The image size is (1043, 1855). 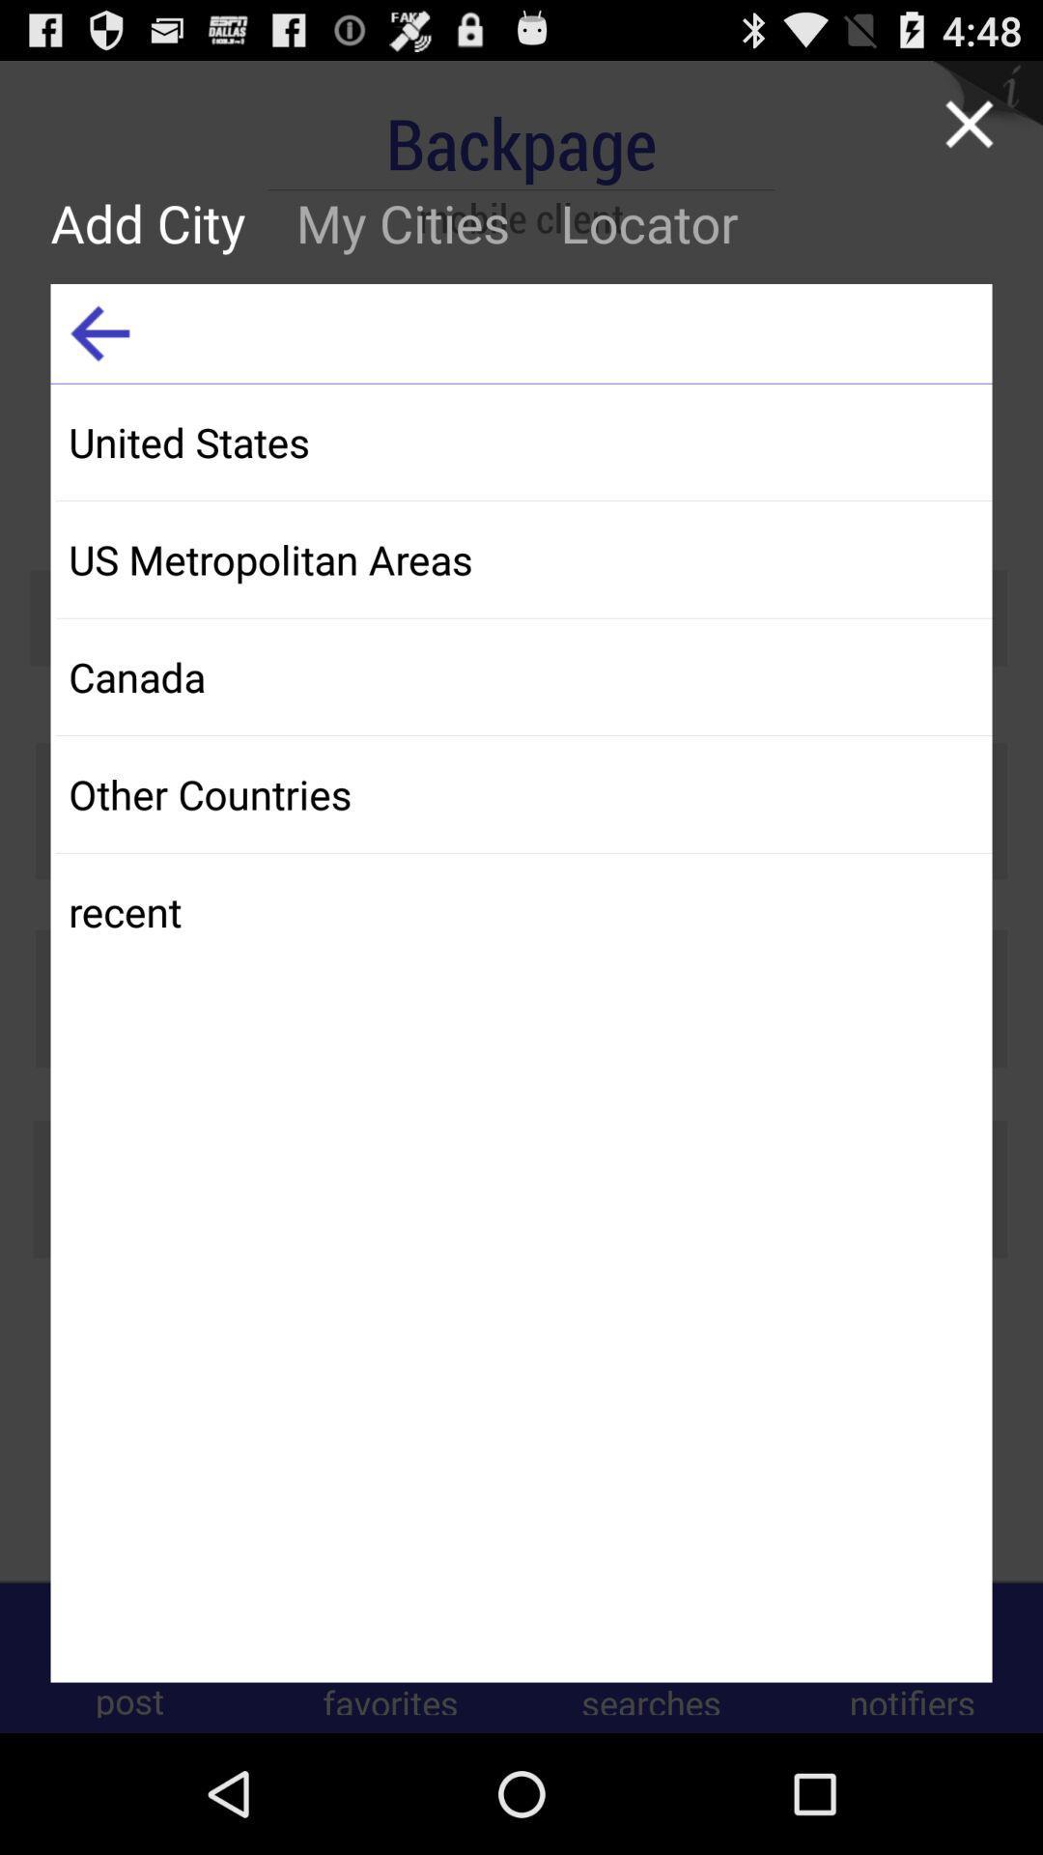 What do you see at coordinates (523, 676) in the screenshot?
I see `the app above other countries item` at bounding box center [523, 676].